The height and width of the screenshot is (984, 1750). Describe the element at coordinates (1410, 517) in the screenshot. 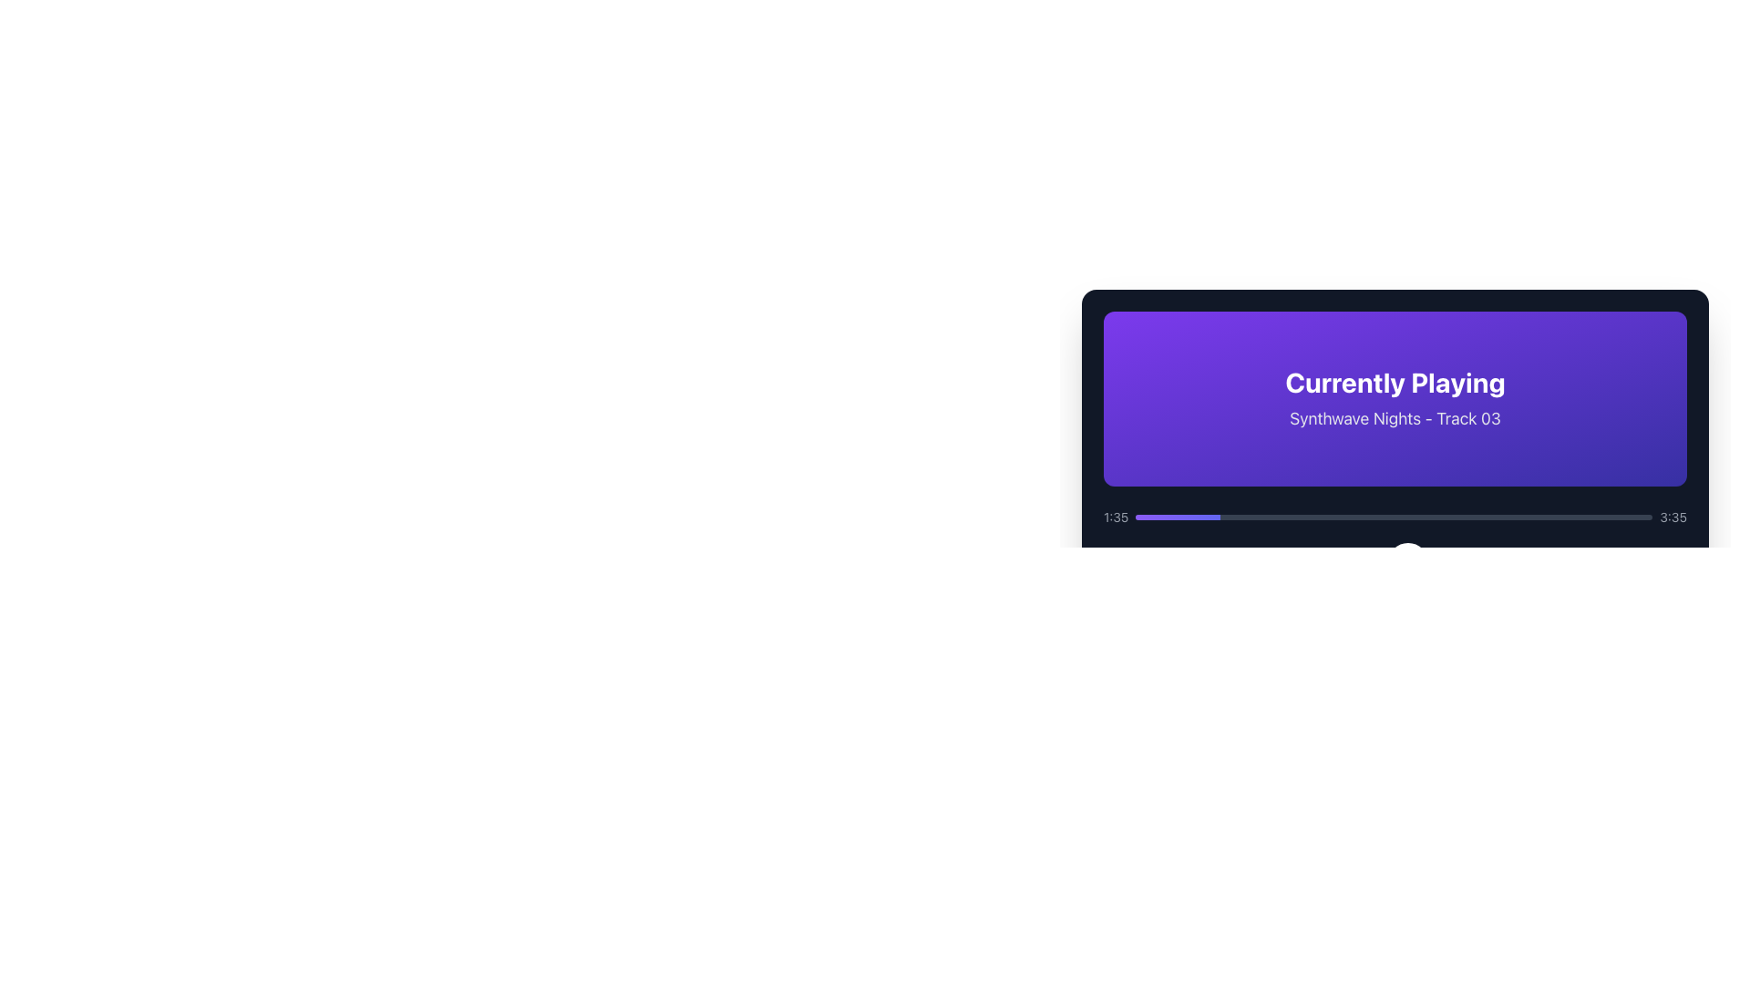

I see `the playback progress` at that location.